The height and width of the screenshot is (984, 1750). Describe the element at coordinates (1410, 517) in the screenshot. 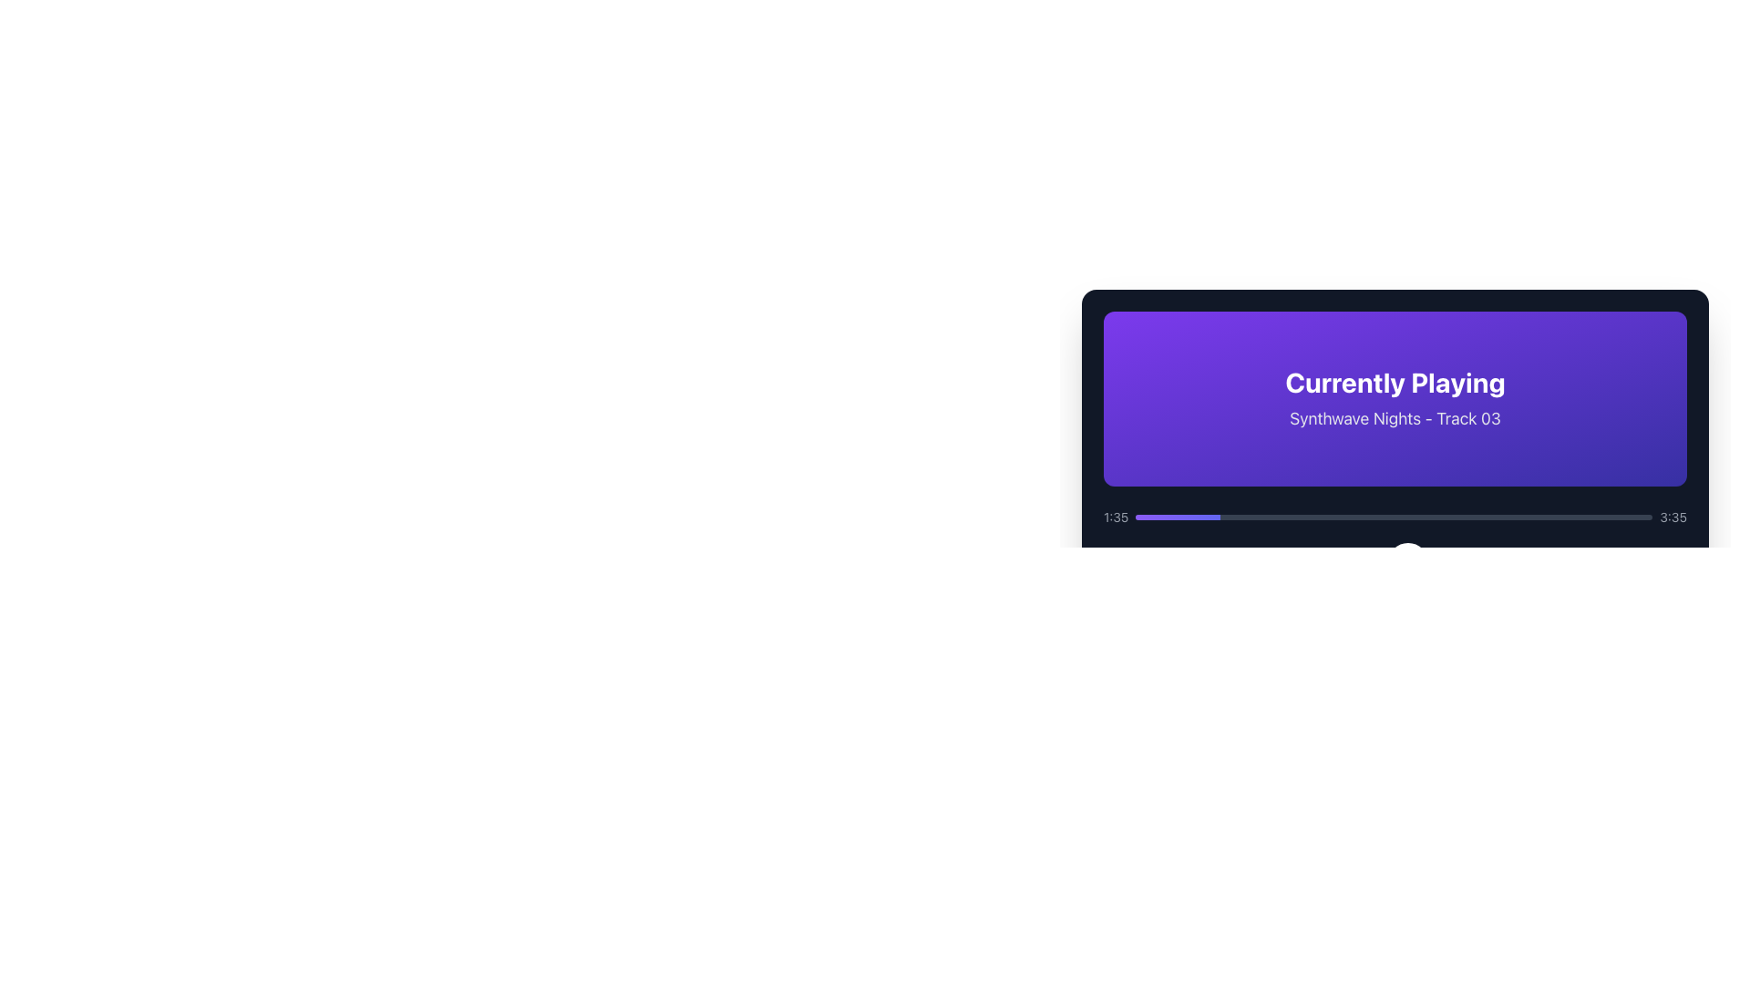

I see `the playback progress` at that location.